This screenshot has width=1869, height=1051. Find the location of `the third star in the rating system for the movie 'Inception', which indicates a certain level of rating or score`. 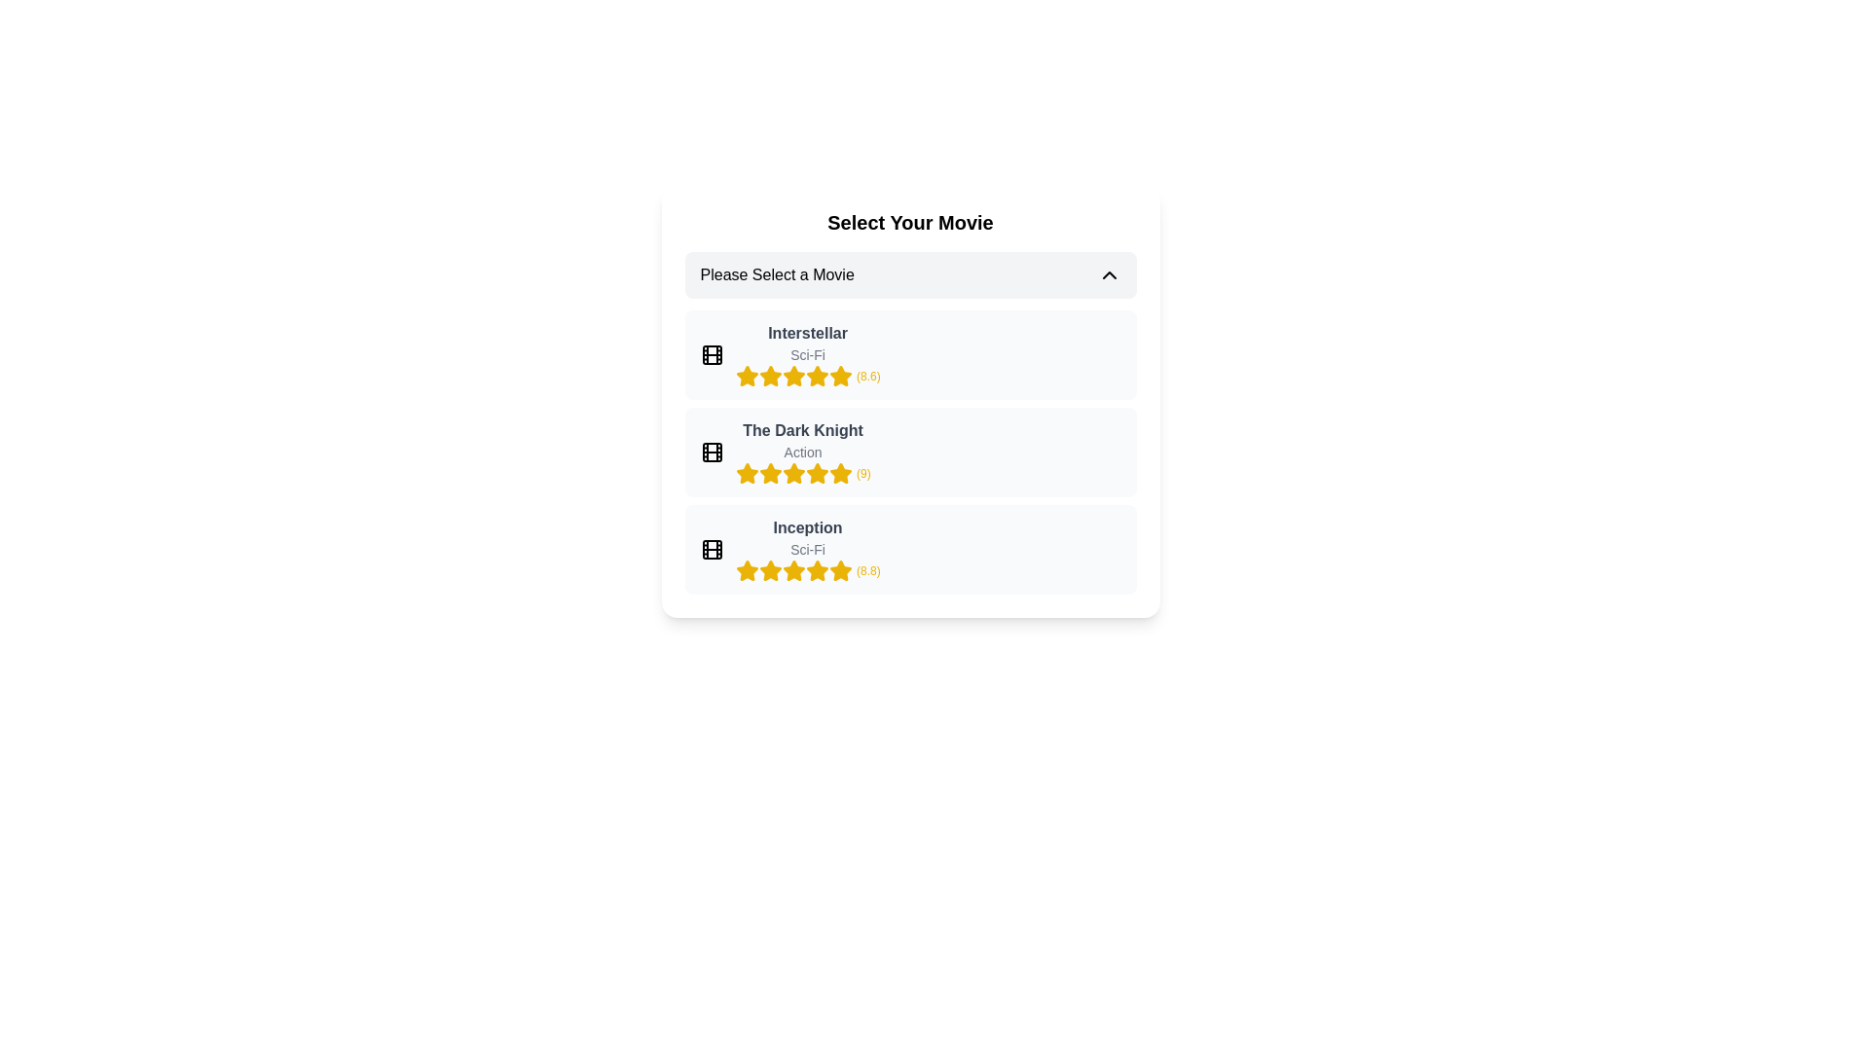

the third star in the rating system for the movie 'Inception', which indicates a certain level of rating or score is located at coordinates (840, 569).